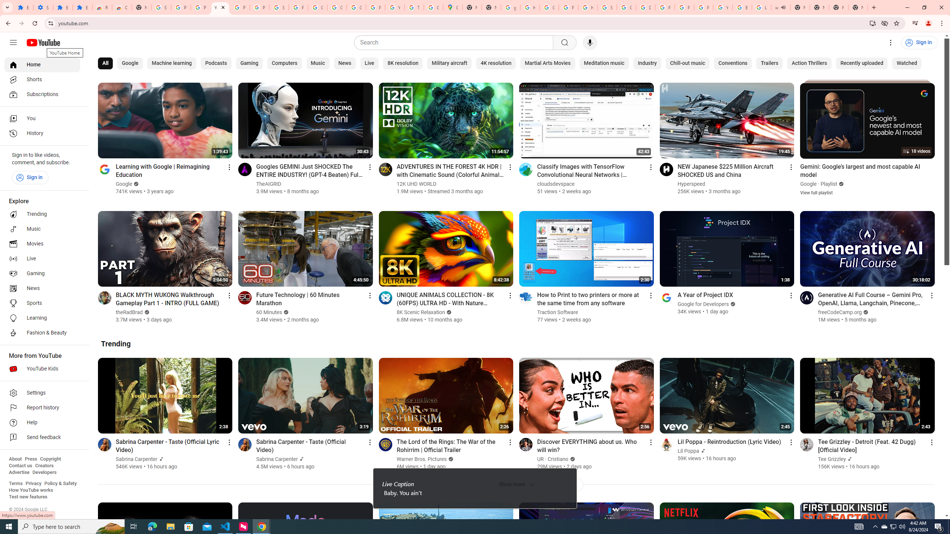 This screenshot has height=534, width=950. Describe the element at coordinates (646, 63) in the screenshot. I see `'Industry'` at that location.